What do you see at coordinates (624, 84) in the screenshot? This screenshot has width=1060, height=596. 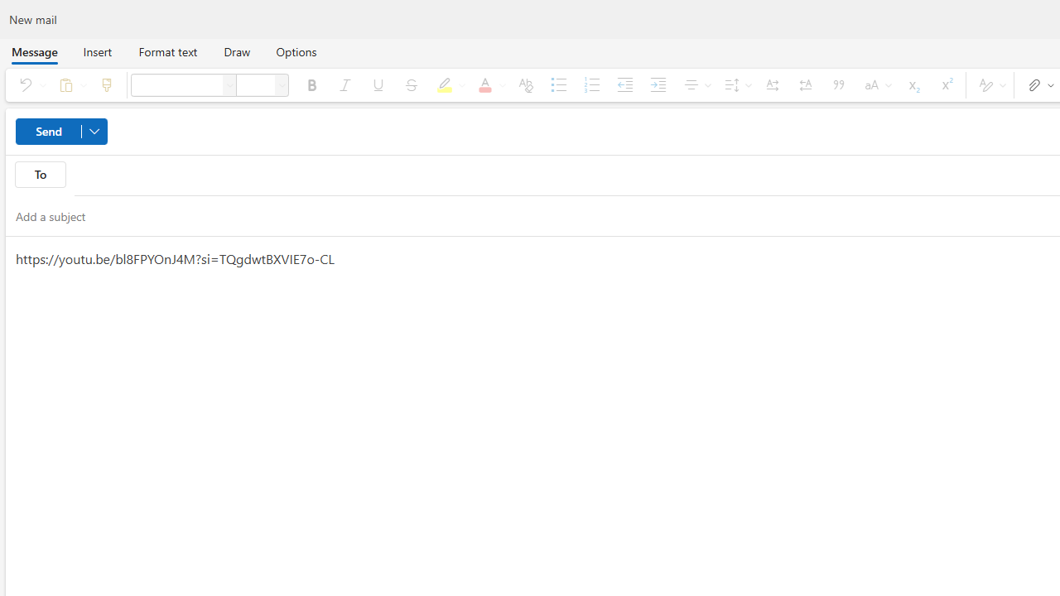 I see `'Decrease indent'` at bounding box center [624, 84].